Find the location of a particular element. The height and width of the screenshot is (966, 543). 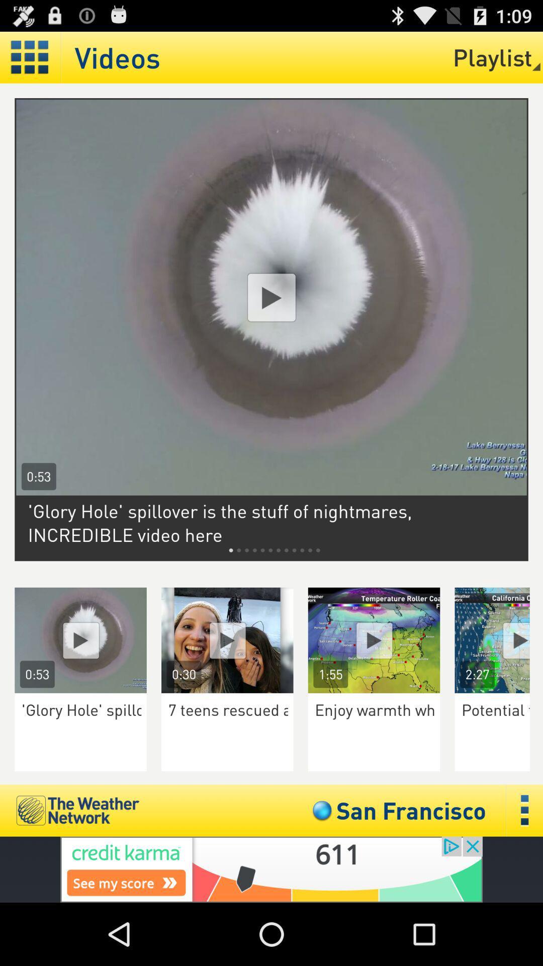

video play is located at coordinates (80, 639).